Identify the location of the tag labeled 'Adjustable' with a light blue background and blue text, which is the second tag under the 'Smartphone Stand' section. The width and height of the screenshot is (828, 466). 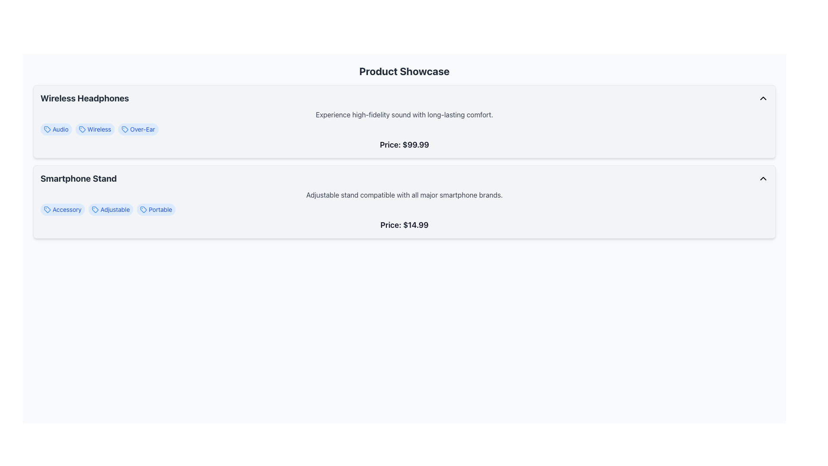
(110, 210).